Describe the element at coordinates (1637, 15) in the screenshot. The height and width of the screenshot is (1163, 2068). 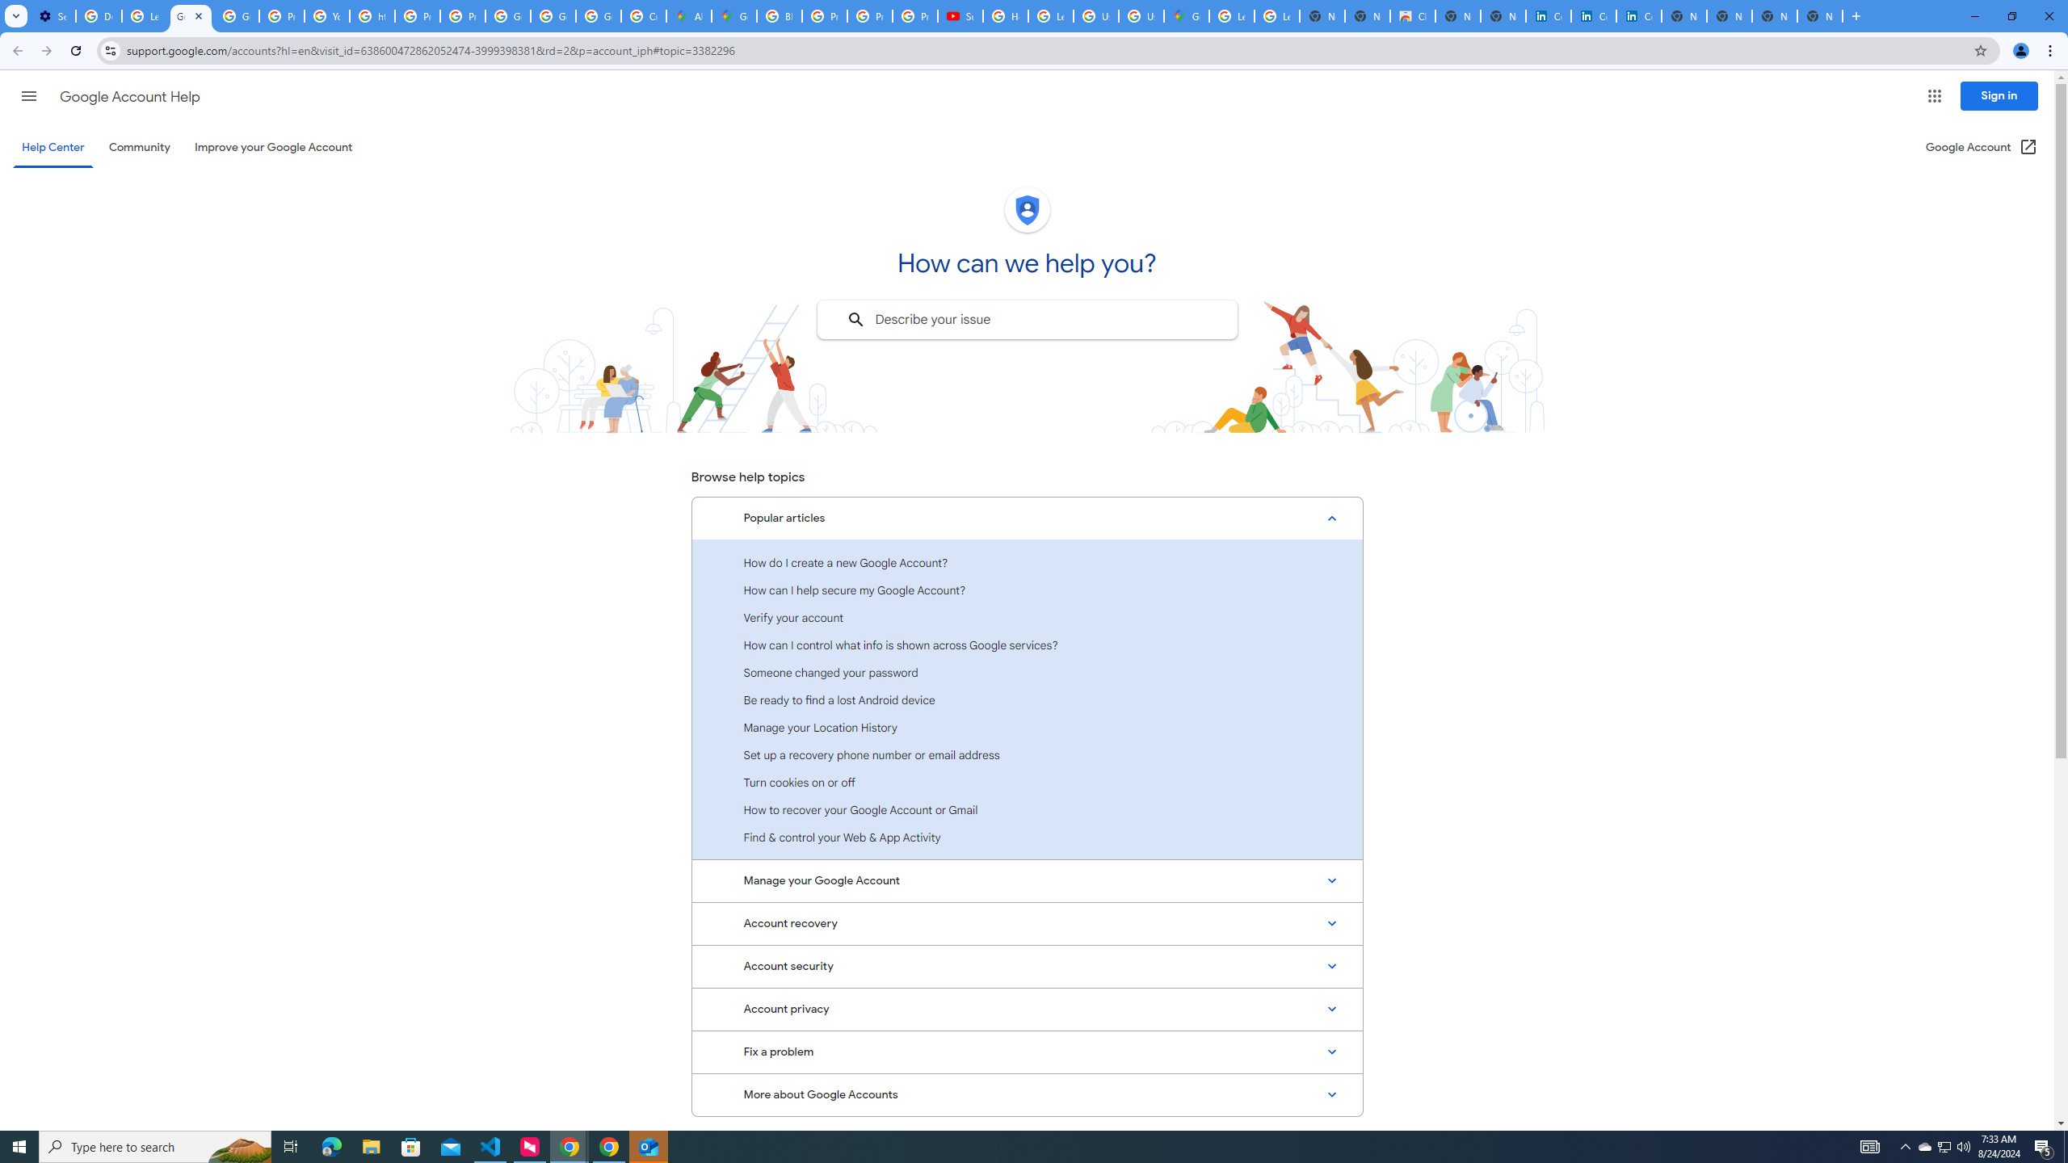
I see `'Copyright Policy'` at that location.